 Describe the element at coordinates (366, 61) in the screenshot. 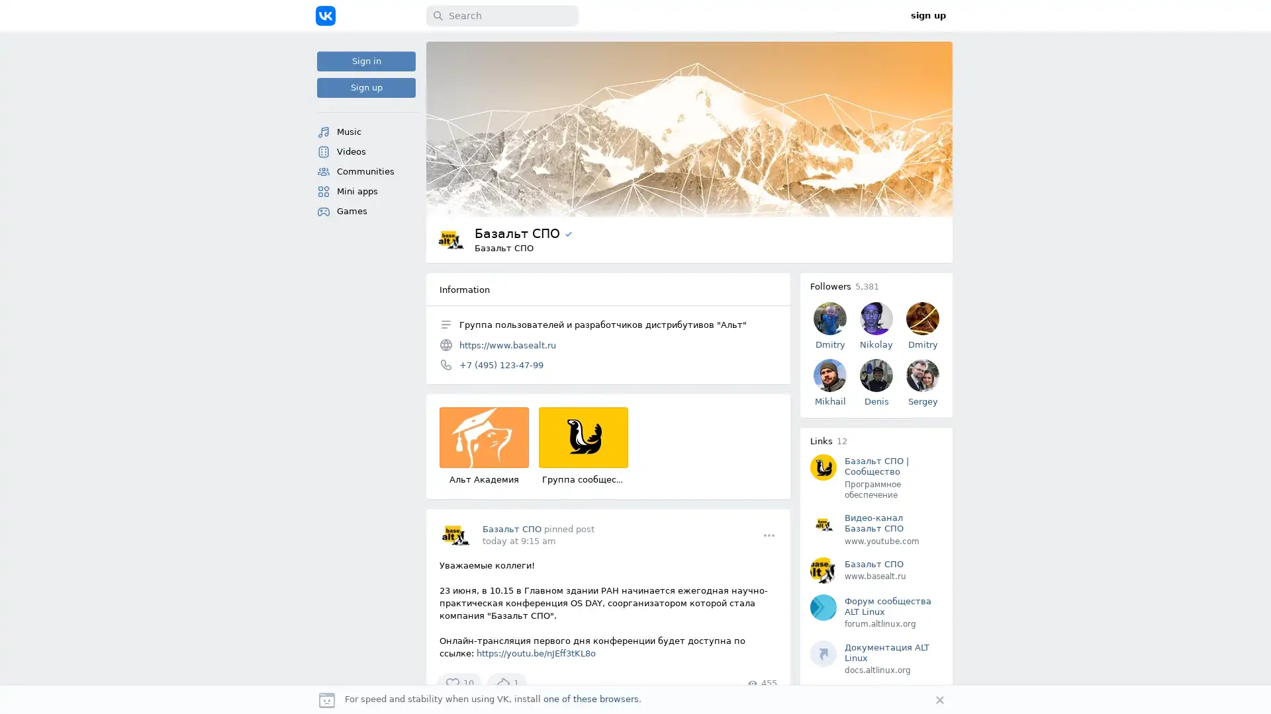

I see `Sign in` at that location.